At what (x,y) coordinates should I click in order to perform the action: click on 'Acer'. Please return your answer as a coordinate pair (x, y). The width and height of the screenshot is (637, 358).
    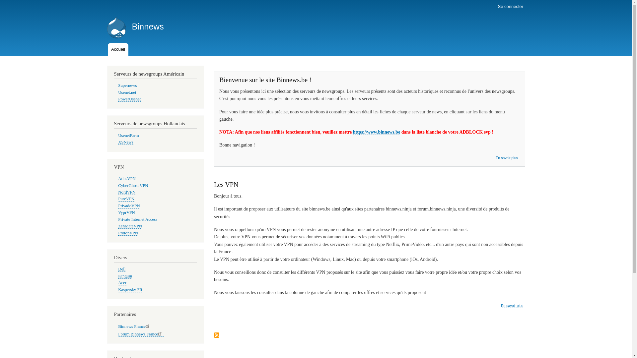
    Looking at the image, I should click on (118, 283).